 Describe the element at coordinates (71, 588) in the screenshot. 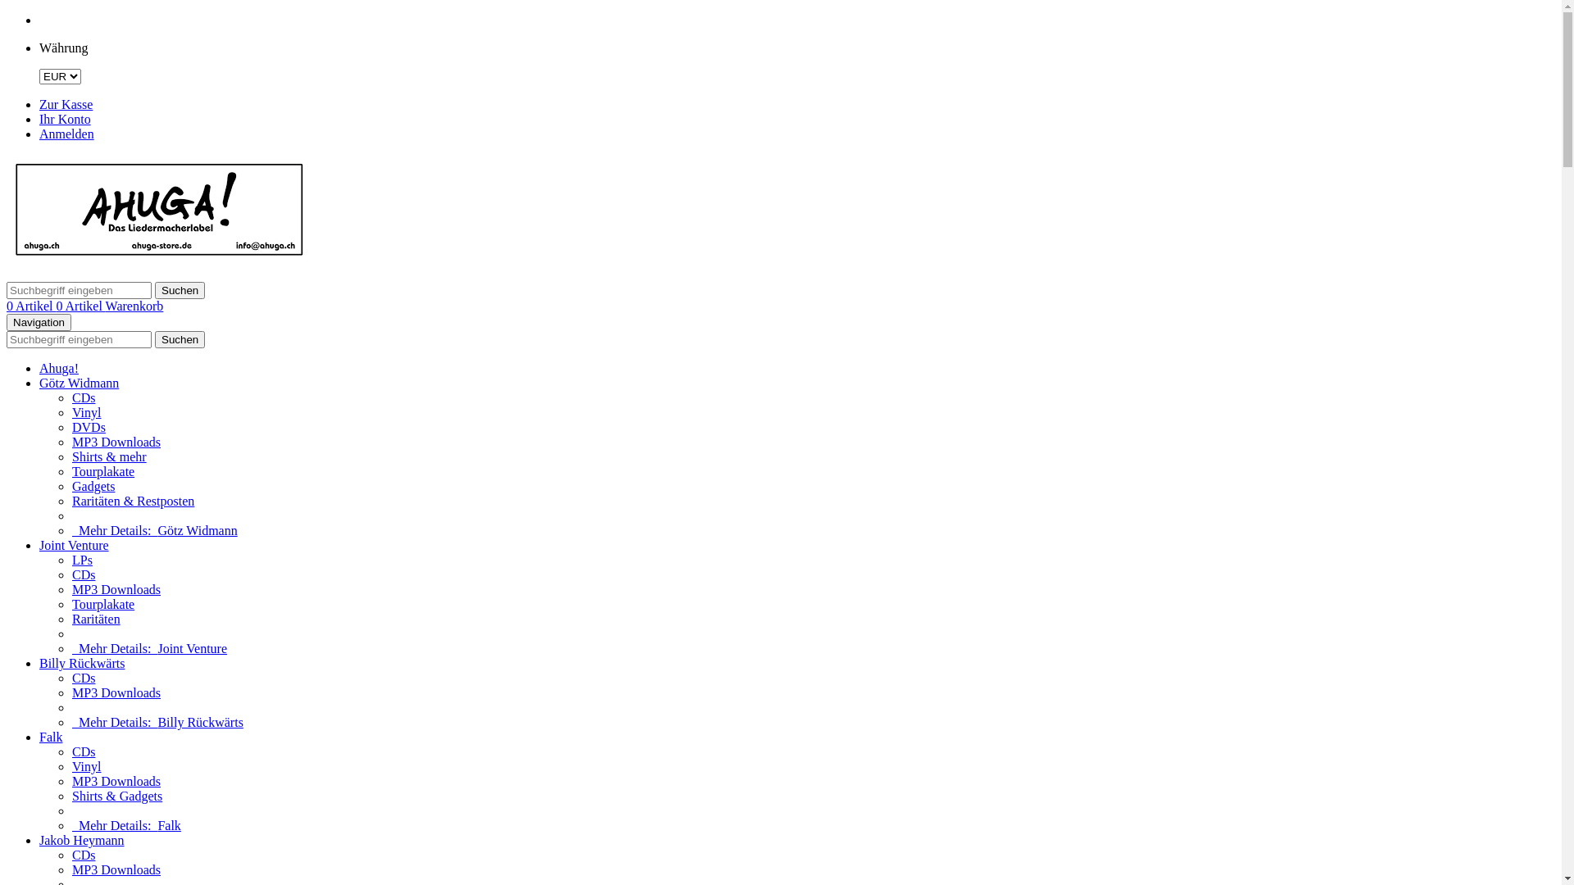

I see `'MP3 Downloads'` at that location.